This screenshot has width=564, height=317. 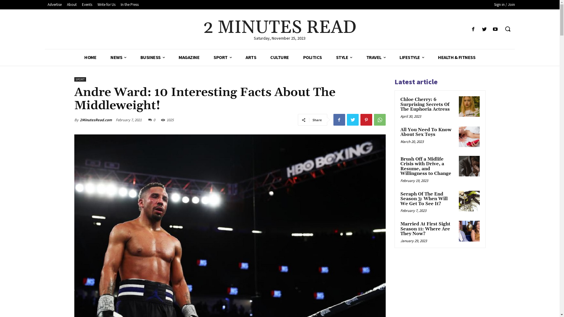 I want to click on 'About', so click(x=71, y=4).